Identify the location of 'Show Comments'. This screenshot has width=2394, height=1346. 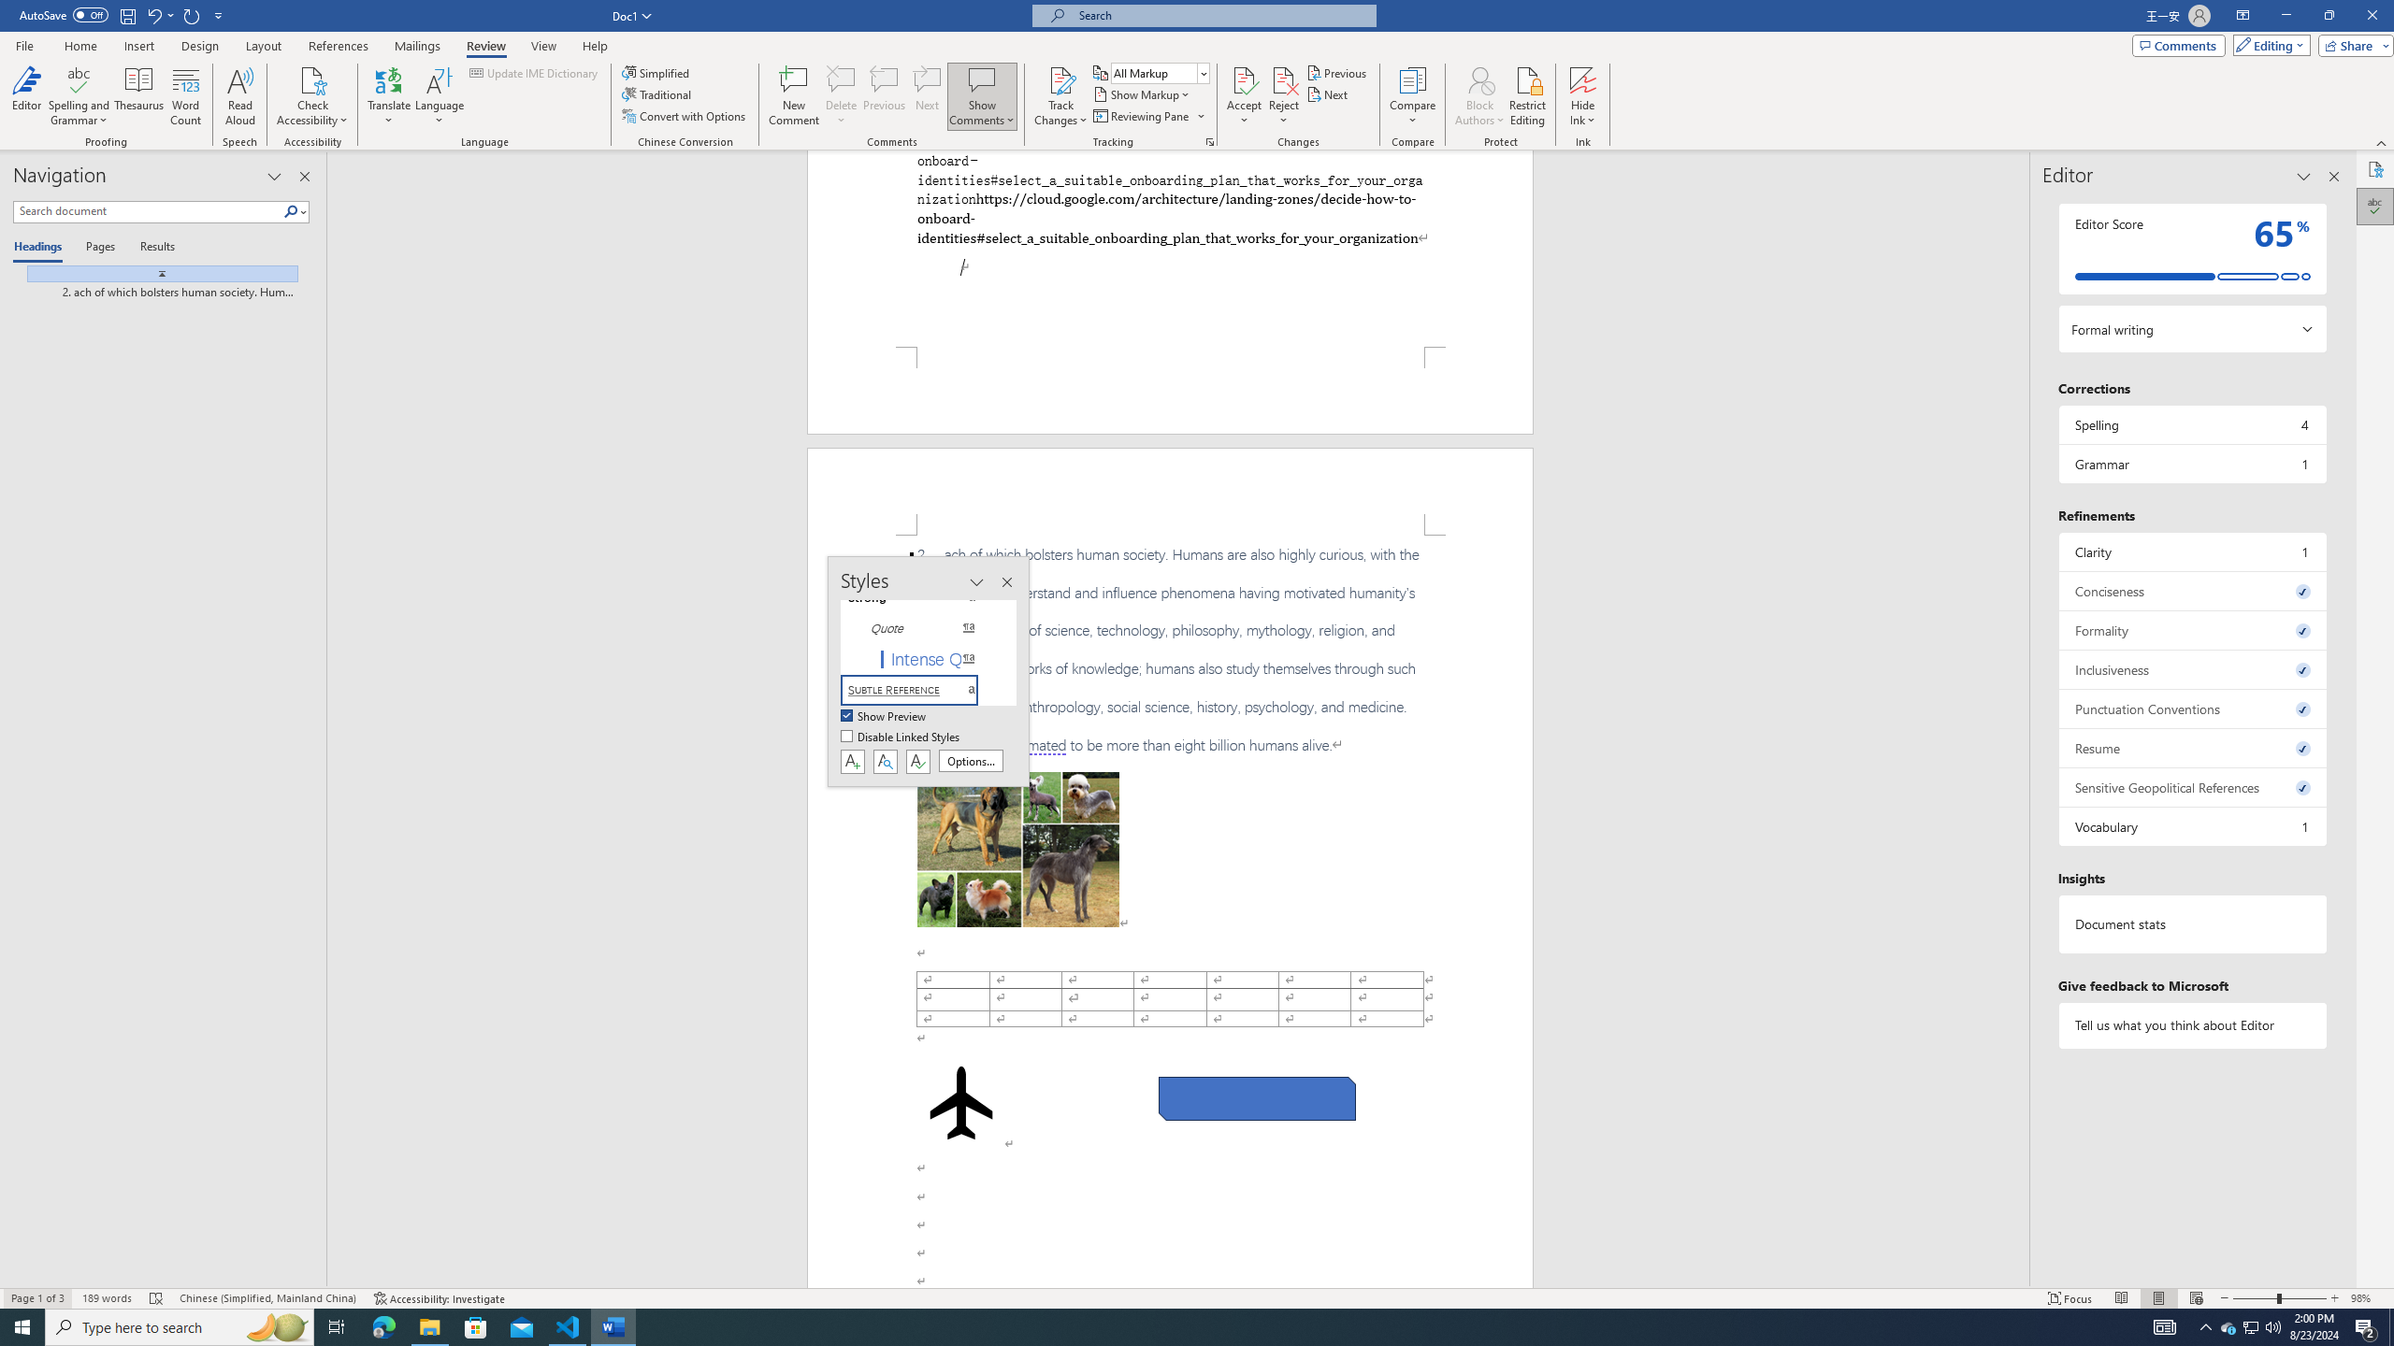
(981, 96).